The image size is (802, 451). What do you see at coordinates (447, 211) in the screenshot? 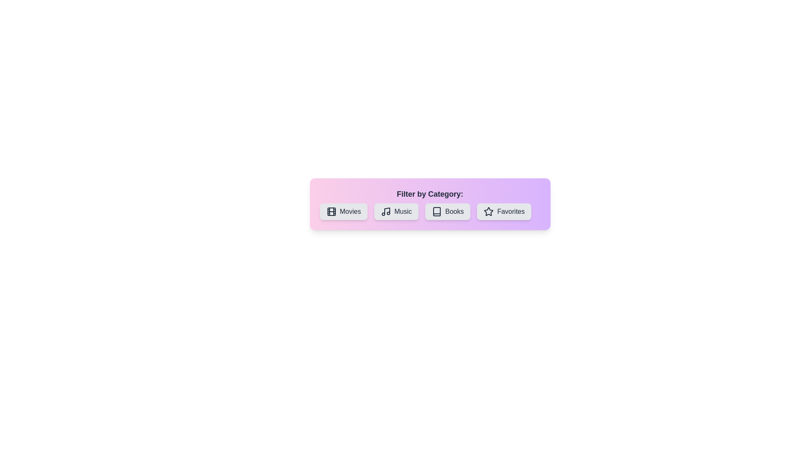
I see `the 'Books' button to toggle its selected state` at bounding box center [447, 211].